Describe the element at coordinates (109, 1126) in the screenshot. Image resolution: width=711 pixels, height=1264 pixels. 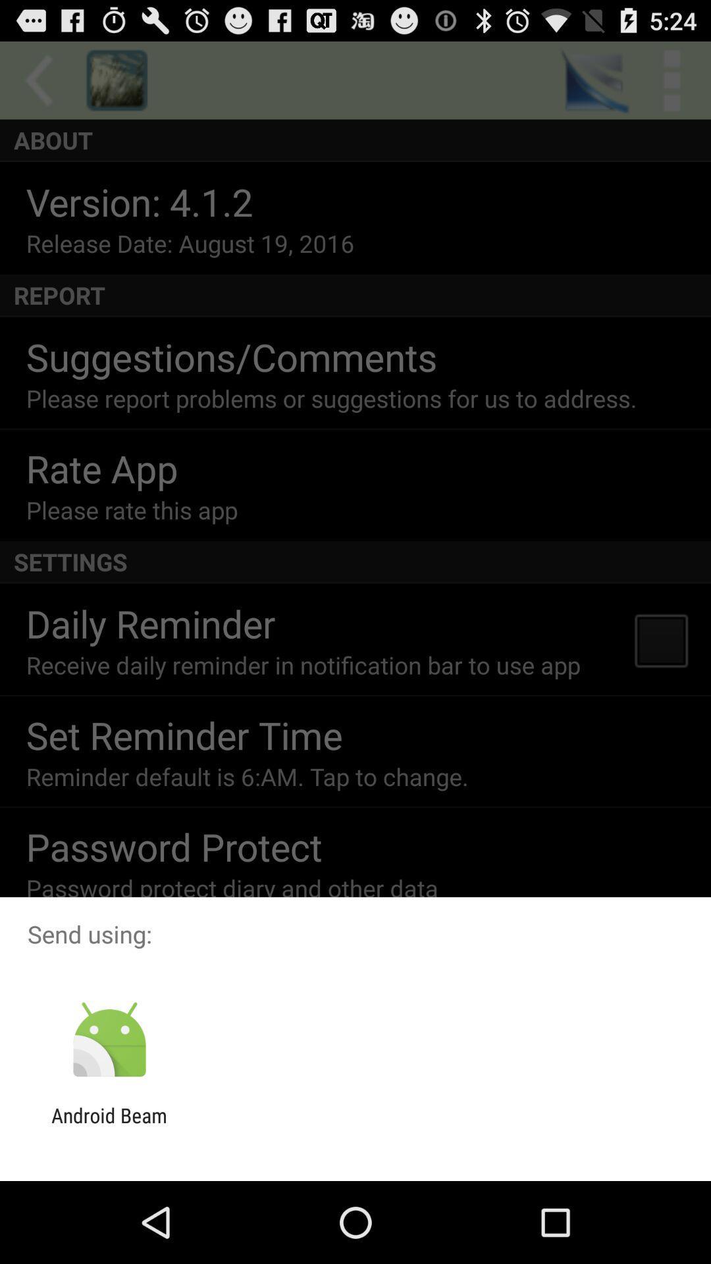
I see `the android beam` at that location.